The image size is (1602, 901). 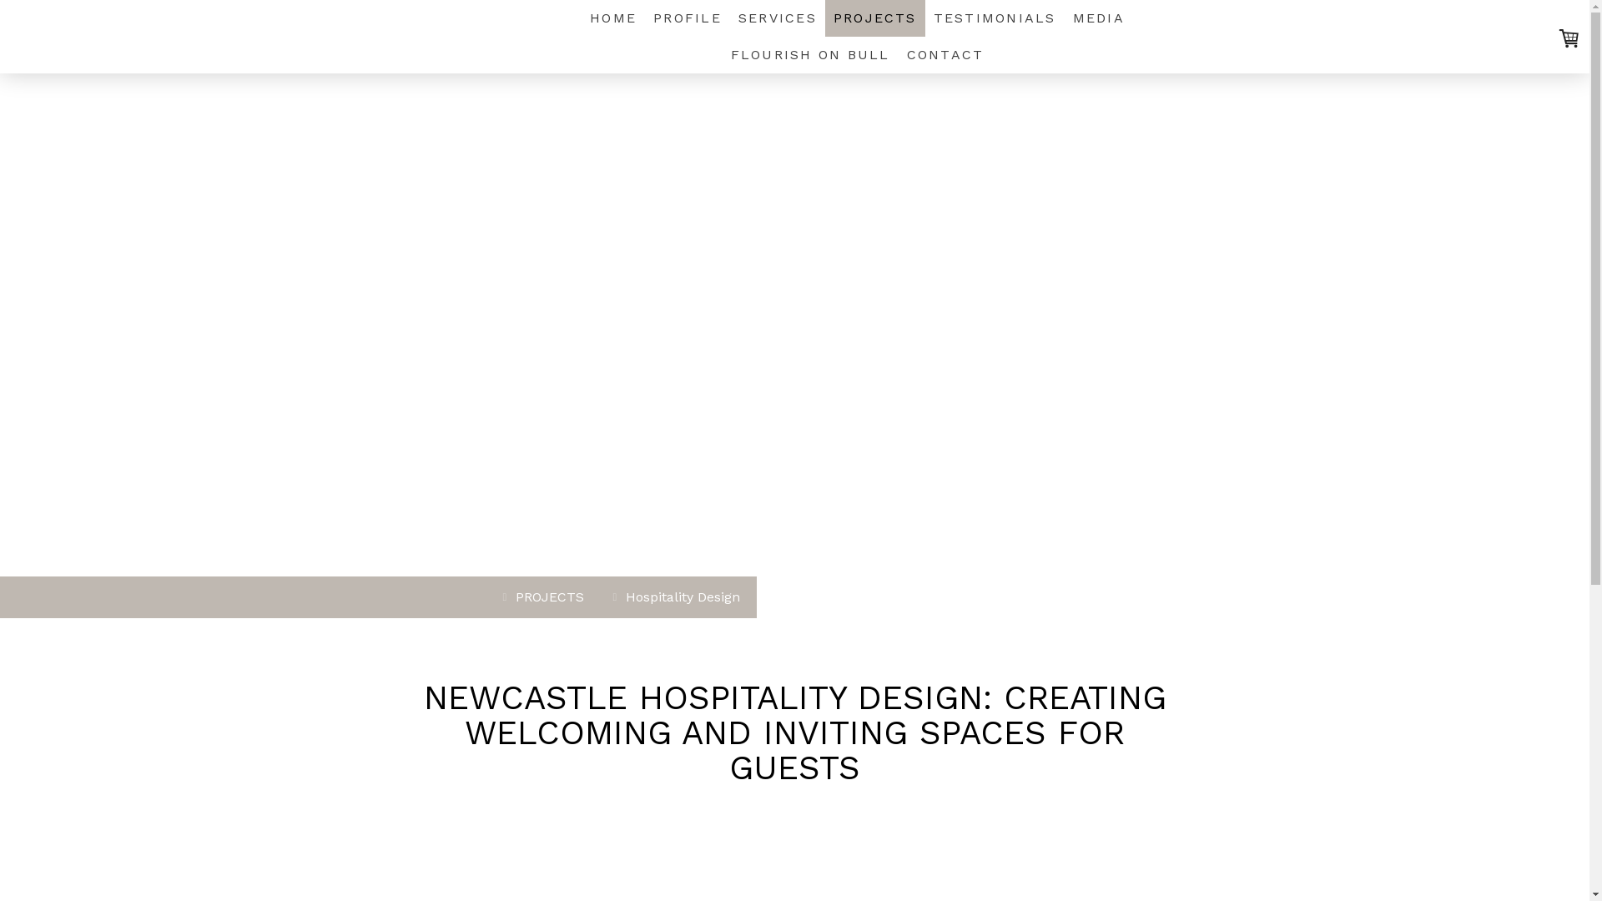 What do you see at coordinates (945, 53) in the screenshot?
I see `'CONTACT'` at bounding box center [945, 53].